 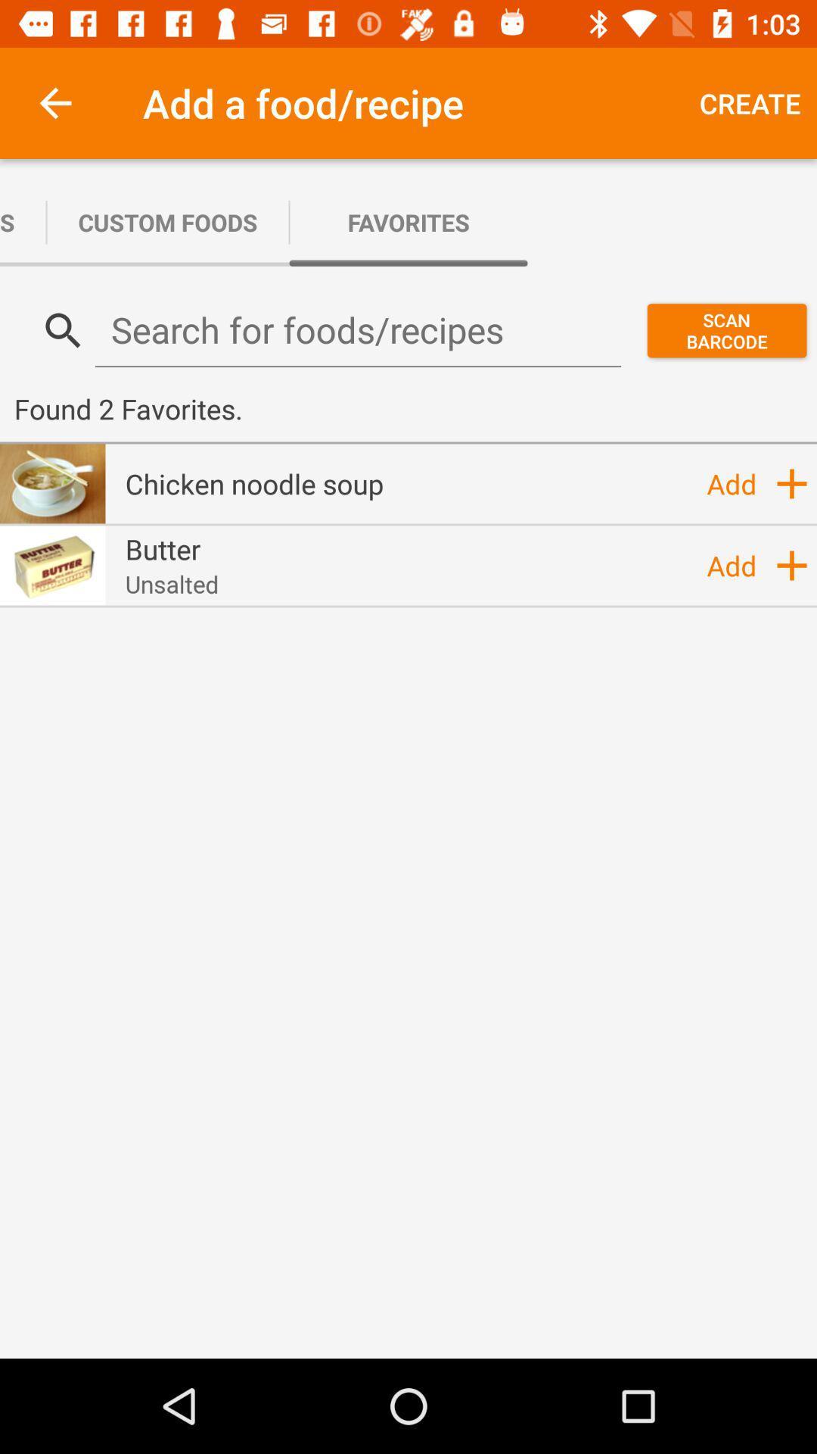 What do you see at coordinates (726, 329) in the screenshot?
I see `the item above the found 2 favorites. icon` at bounding box center [726, 329].